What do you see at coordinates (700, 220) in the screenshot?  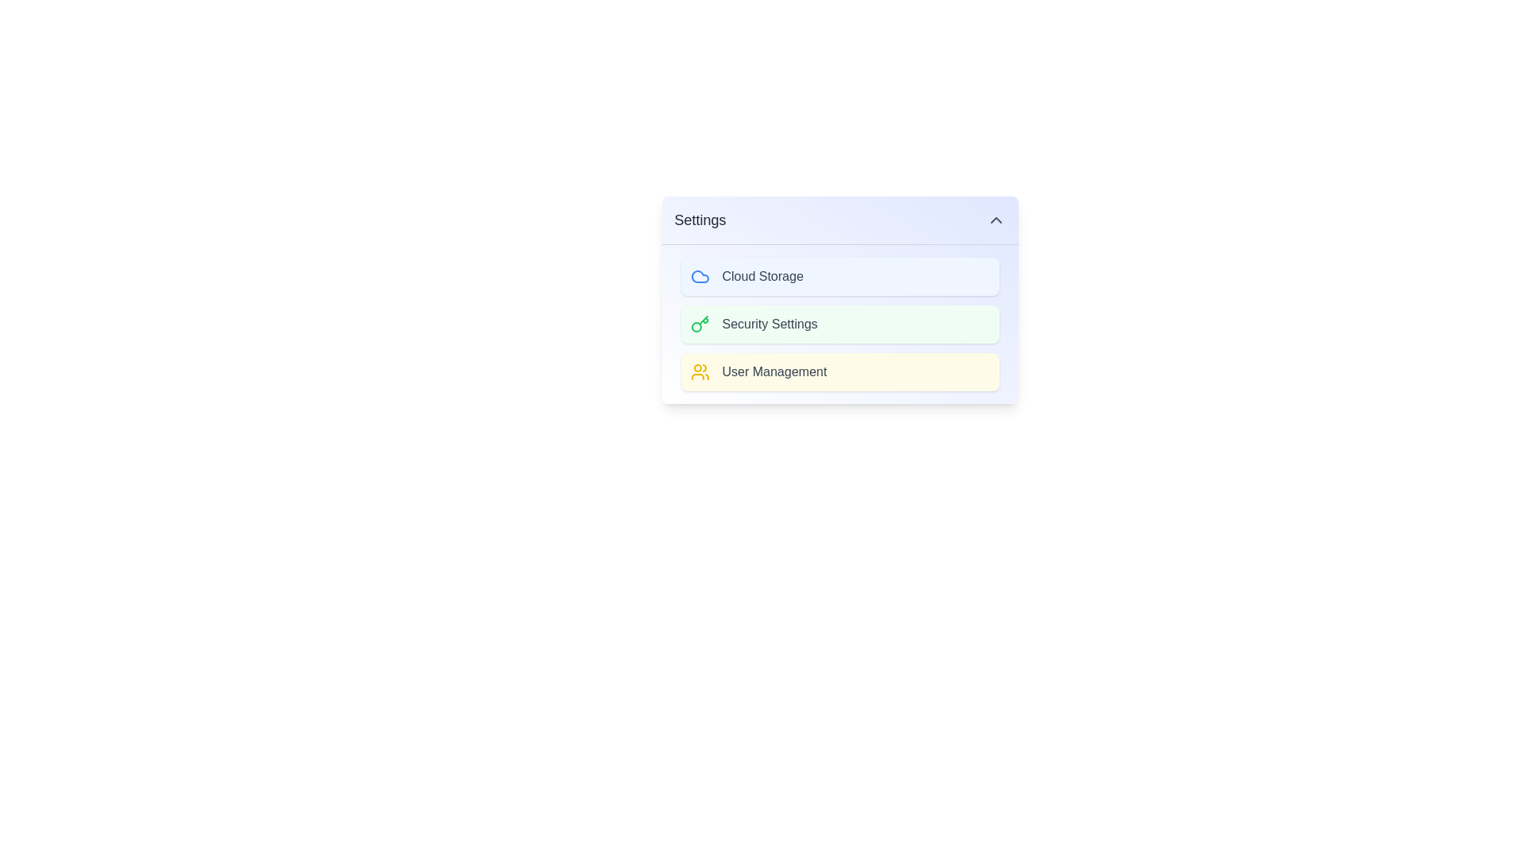 I see `the static text element labeled 'Settings', which is bold and medium-sized in dark gray color, located in the light blue header bar at the top of the menu interface` at bounding box center [700, 220].